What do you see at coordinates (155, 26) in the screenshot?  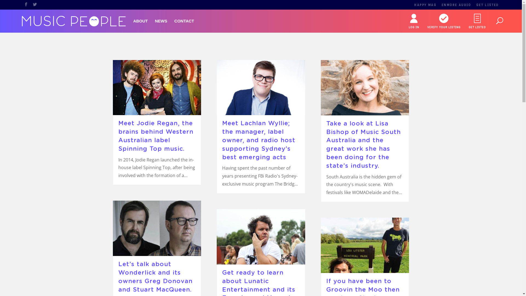 I see `'NEWS'` at bounding box center [155, 26].